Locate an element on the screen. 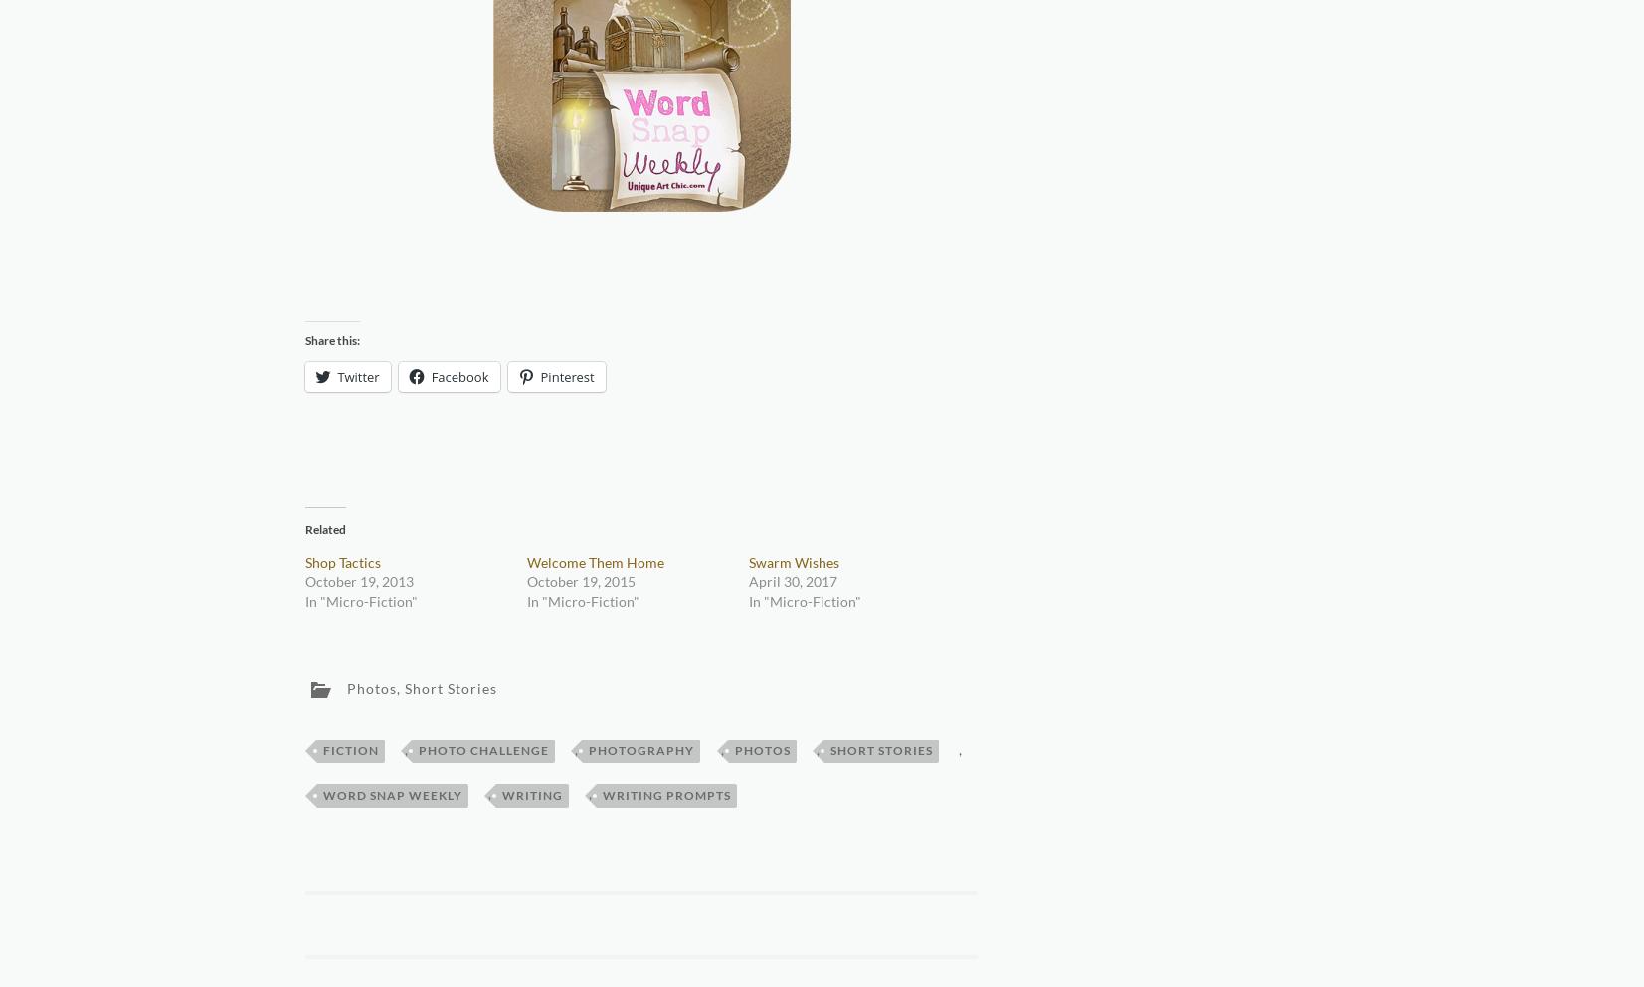  'Writing' is located at coordinates (530, 793).